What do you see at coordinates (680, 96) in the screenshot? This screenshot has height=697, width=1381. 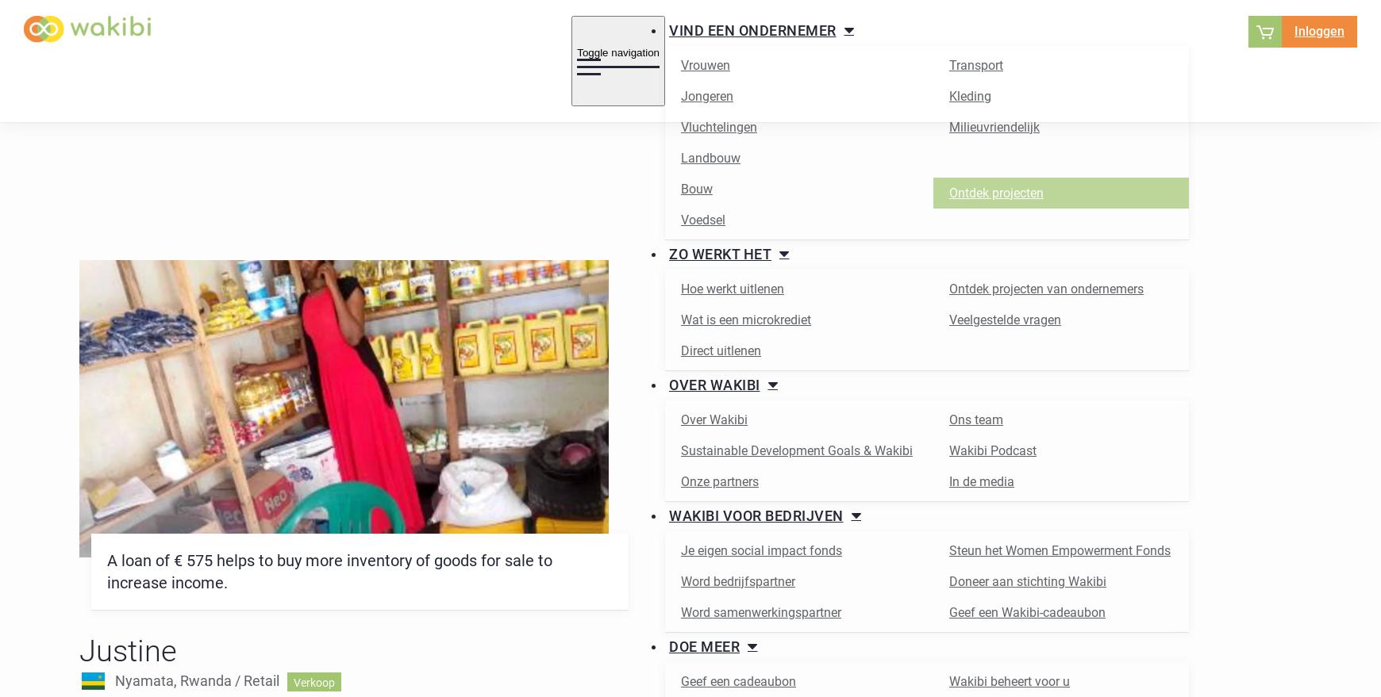 I see `'Jongeren'` at bounding box center [680, 96].